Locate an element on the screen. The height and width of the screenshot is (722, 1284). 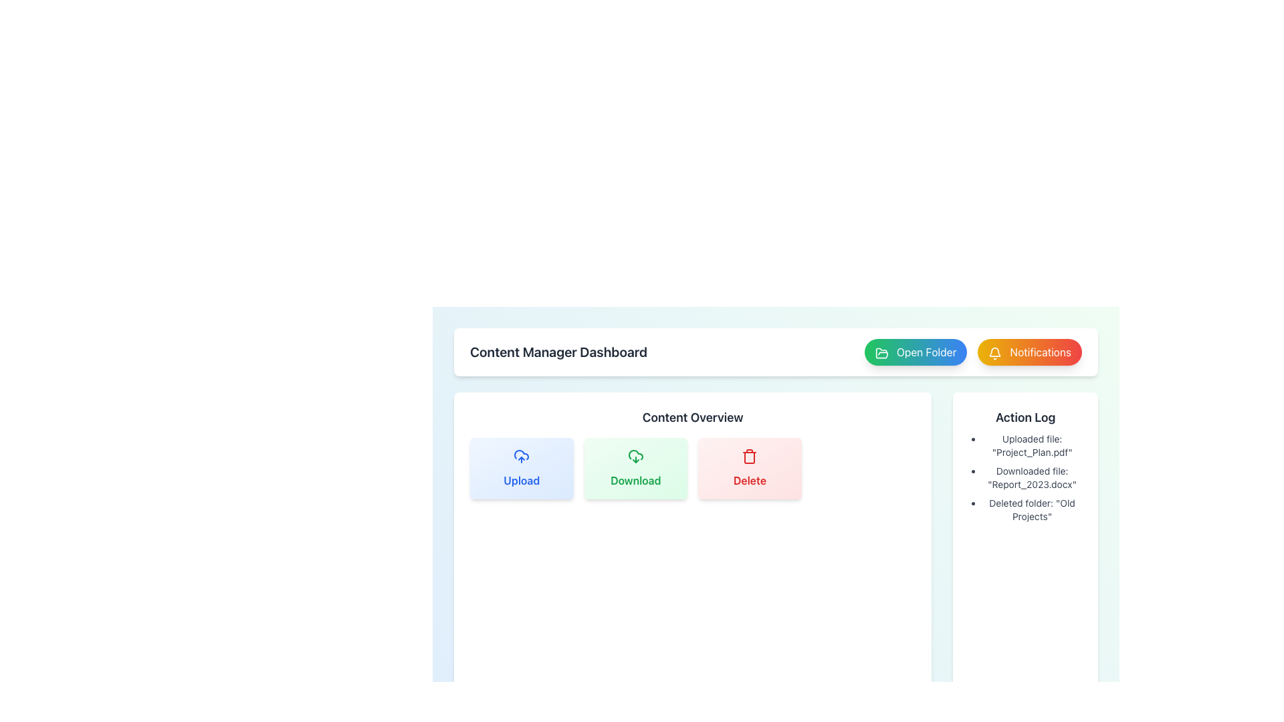
the folder icon on the 'Open Folder' button, which is the leftmost component of the button located near the top-right corner of the interface is located at coordinates (881, 352).